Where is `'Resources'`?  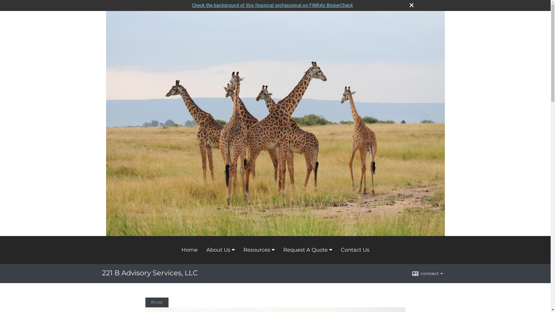 'Resources' is located at coordinates (258, 249).